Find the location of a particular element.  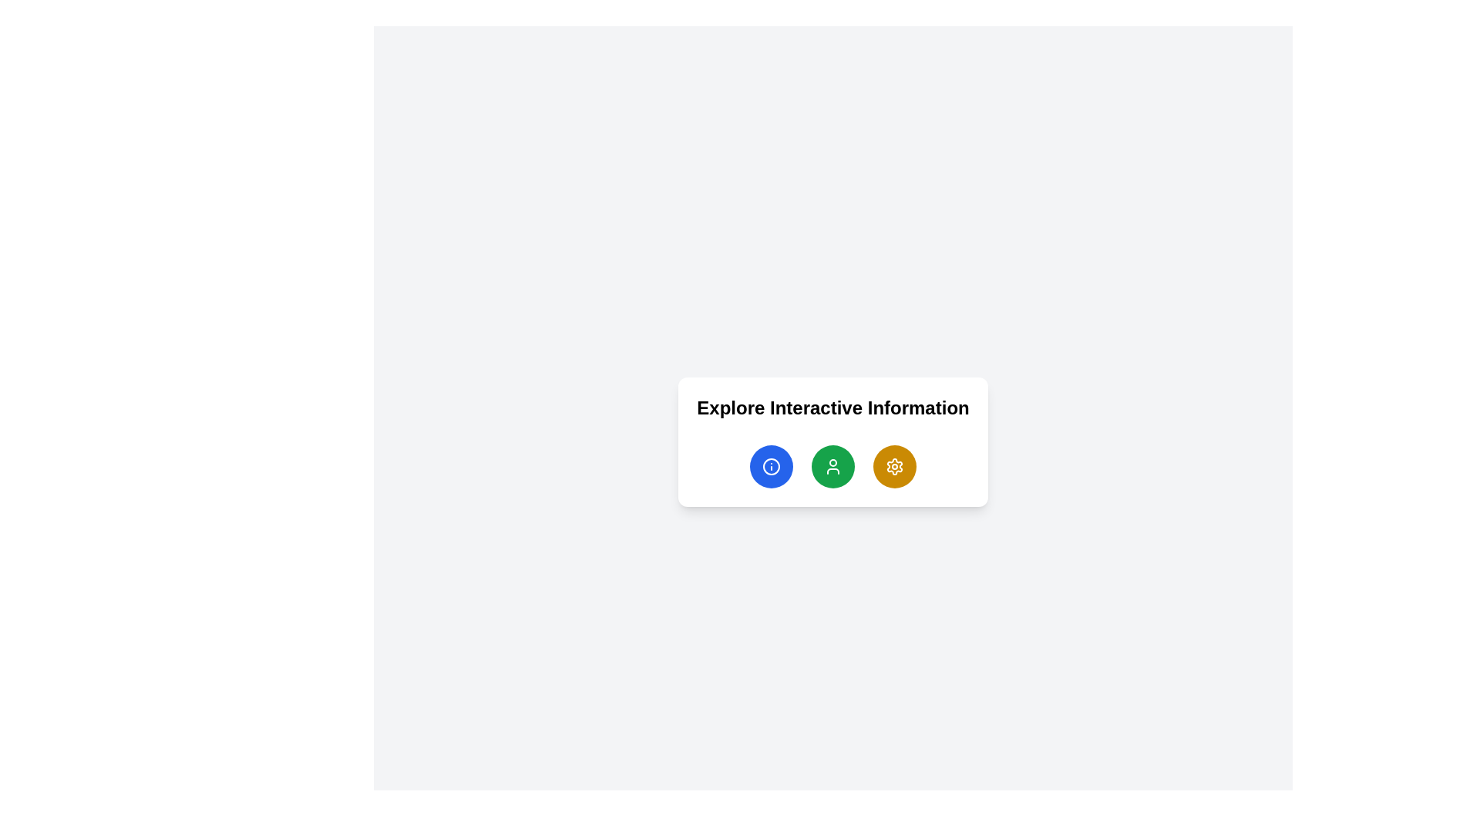

the information button located below the text 'Explore Interactive Information', to the left of the green button with a person icon is located at coordinates (771, 465).